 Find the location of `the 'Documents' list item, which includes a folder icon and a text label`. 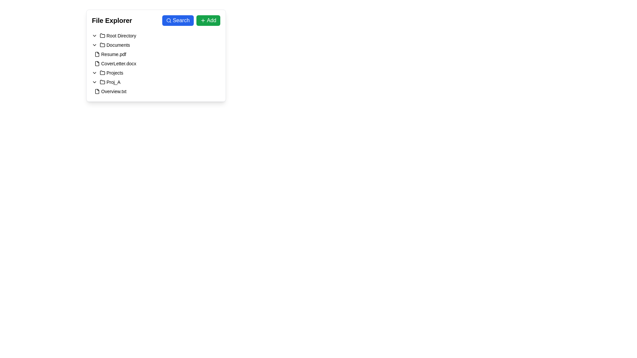

the 'Documents' list item, which includes a folder icon and a text label is located at coordinates (115, 45).